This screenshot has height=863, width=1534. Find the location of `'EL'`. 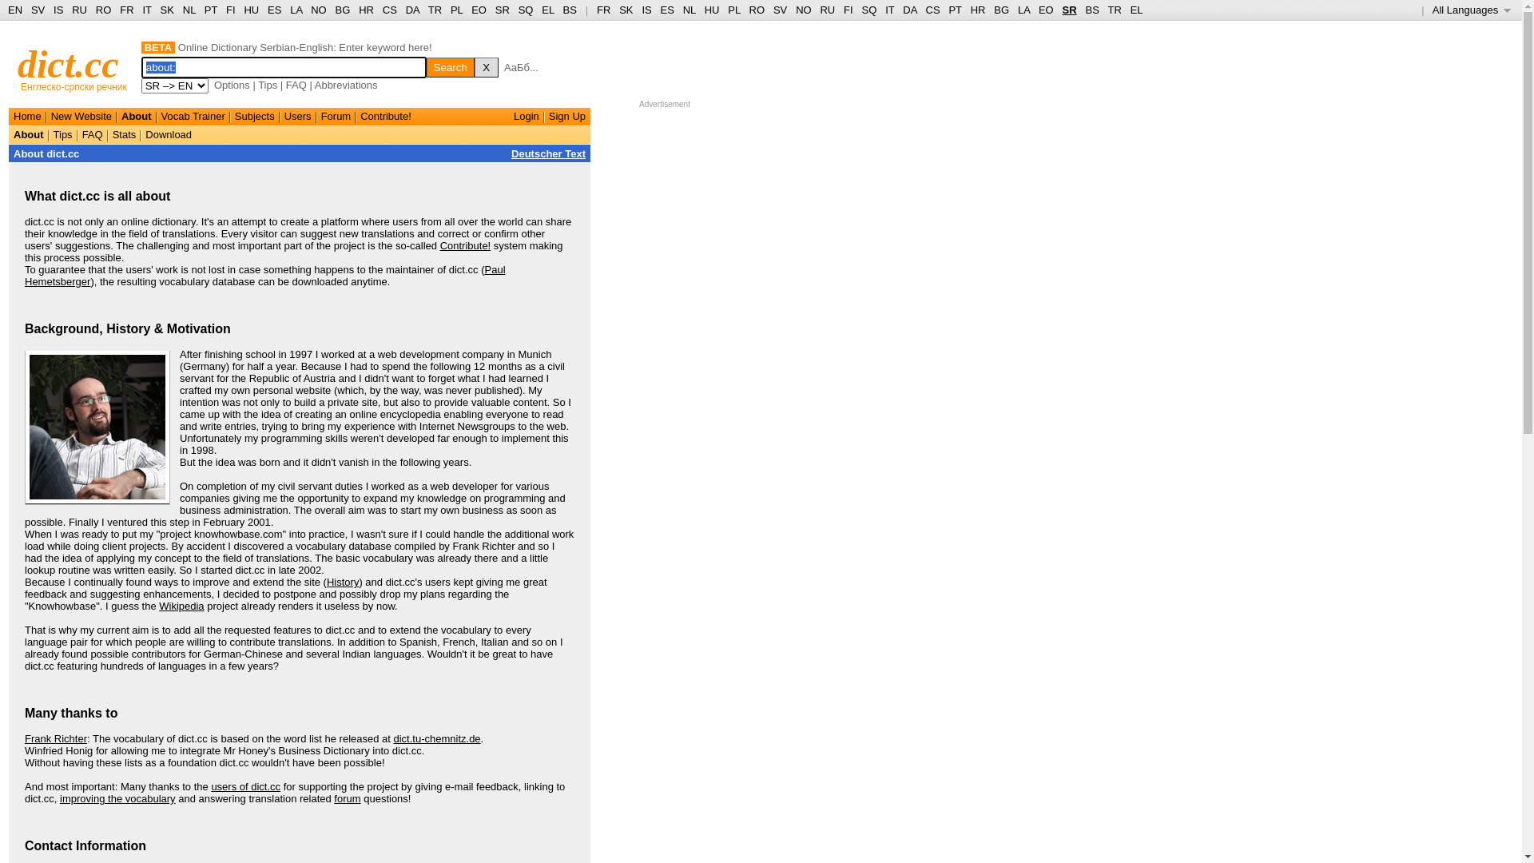

'EL' is located at coordinates (547, 10).